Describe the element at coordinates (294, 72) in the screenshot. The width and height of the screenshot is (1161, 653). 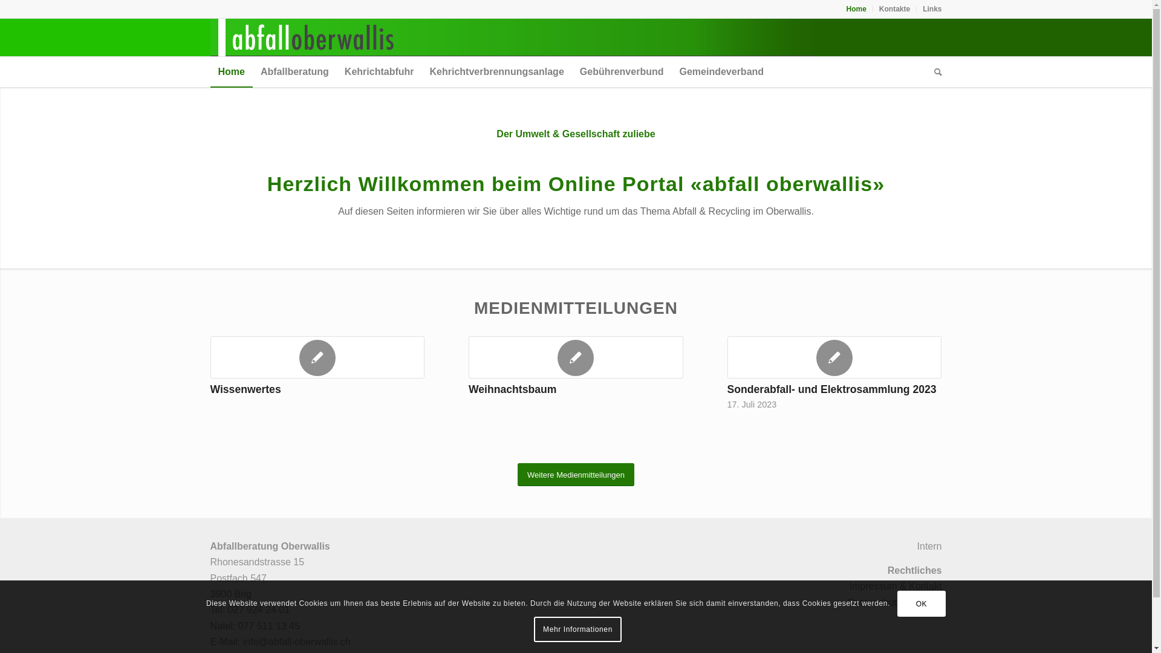
I see `'Abfallberatung'` at that location.